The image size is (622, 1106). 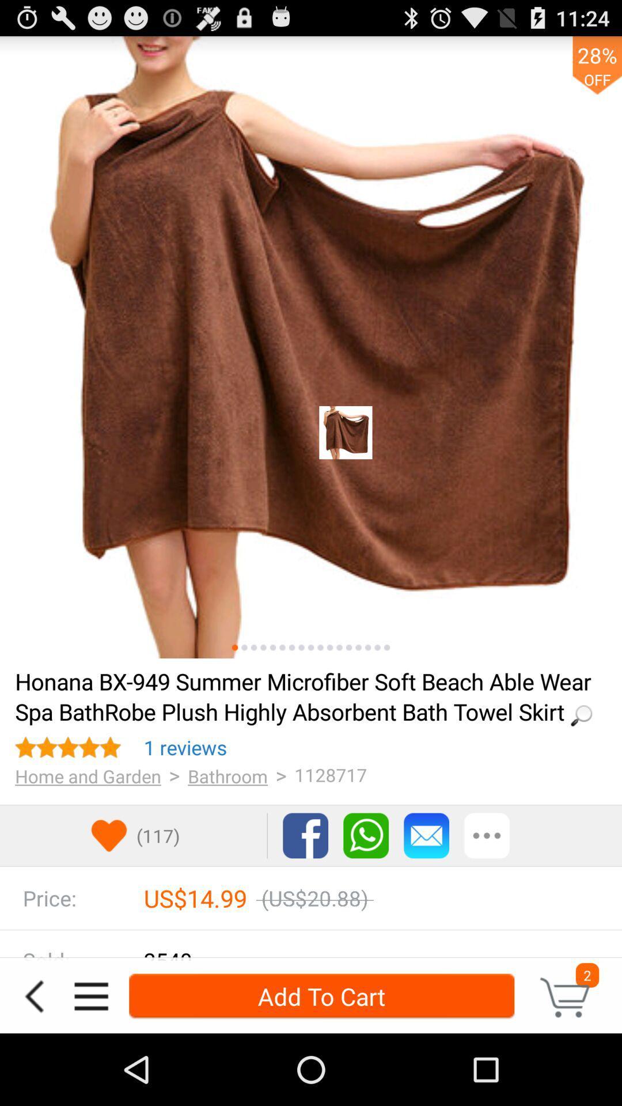 What do you see at coordinates (227, 776) in the screenshot?
I see `the icon next to > icon` at bounding box center [227, 776].